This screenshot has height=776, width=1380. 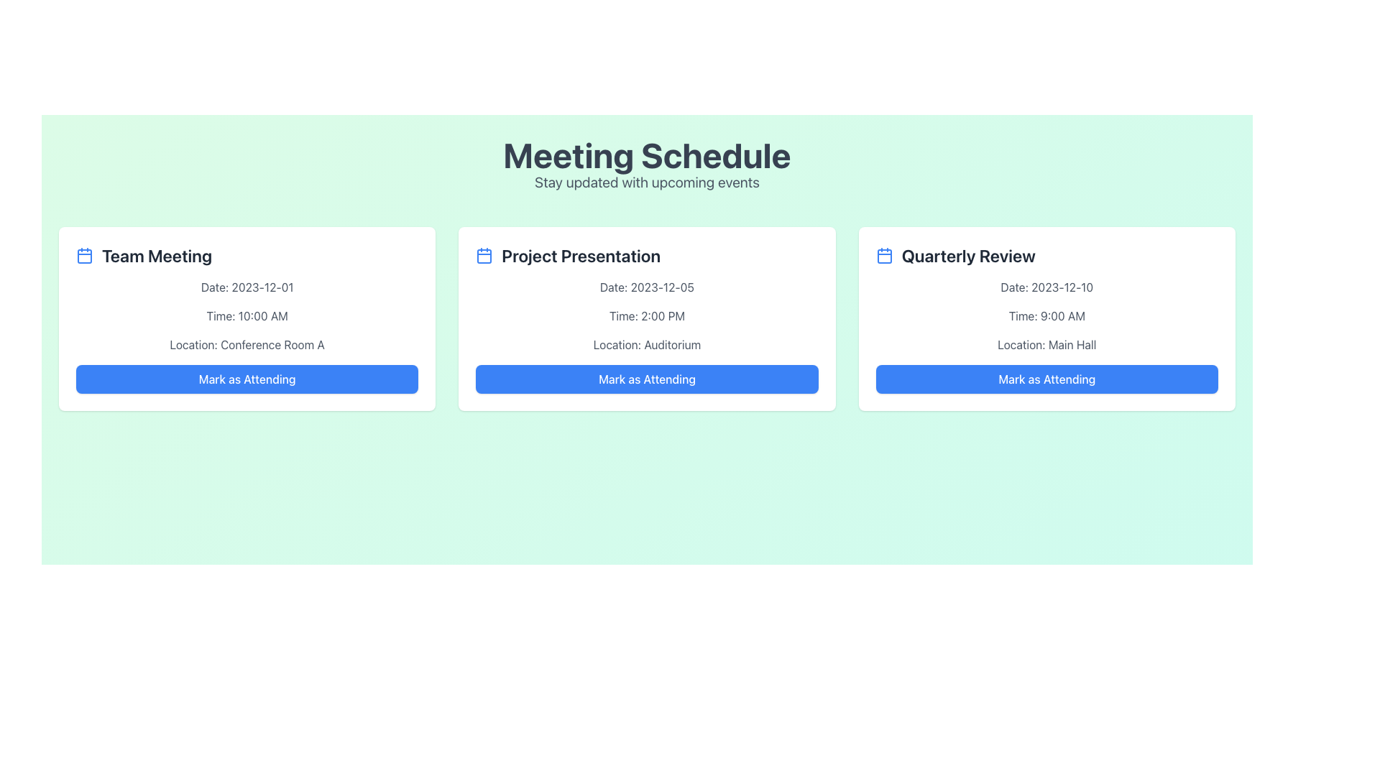 What do you see at coordinates (646, 155) in the screenshot?
I see `the 'Meeting Schedule' heading displayed in bold, dark gray text at the top of the interface, centered in the light green header area` at bounding box center [646, 155].